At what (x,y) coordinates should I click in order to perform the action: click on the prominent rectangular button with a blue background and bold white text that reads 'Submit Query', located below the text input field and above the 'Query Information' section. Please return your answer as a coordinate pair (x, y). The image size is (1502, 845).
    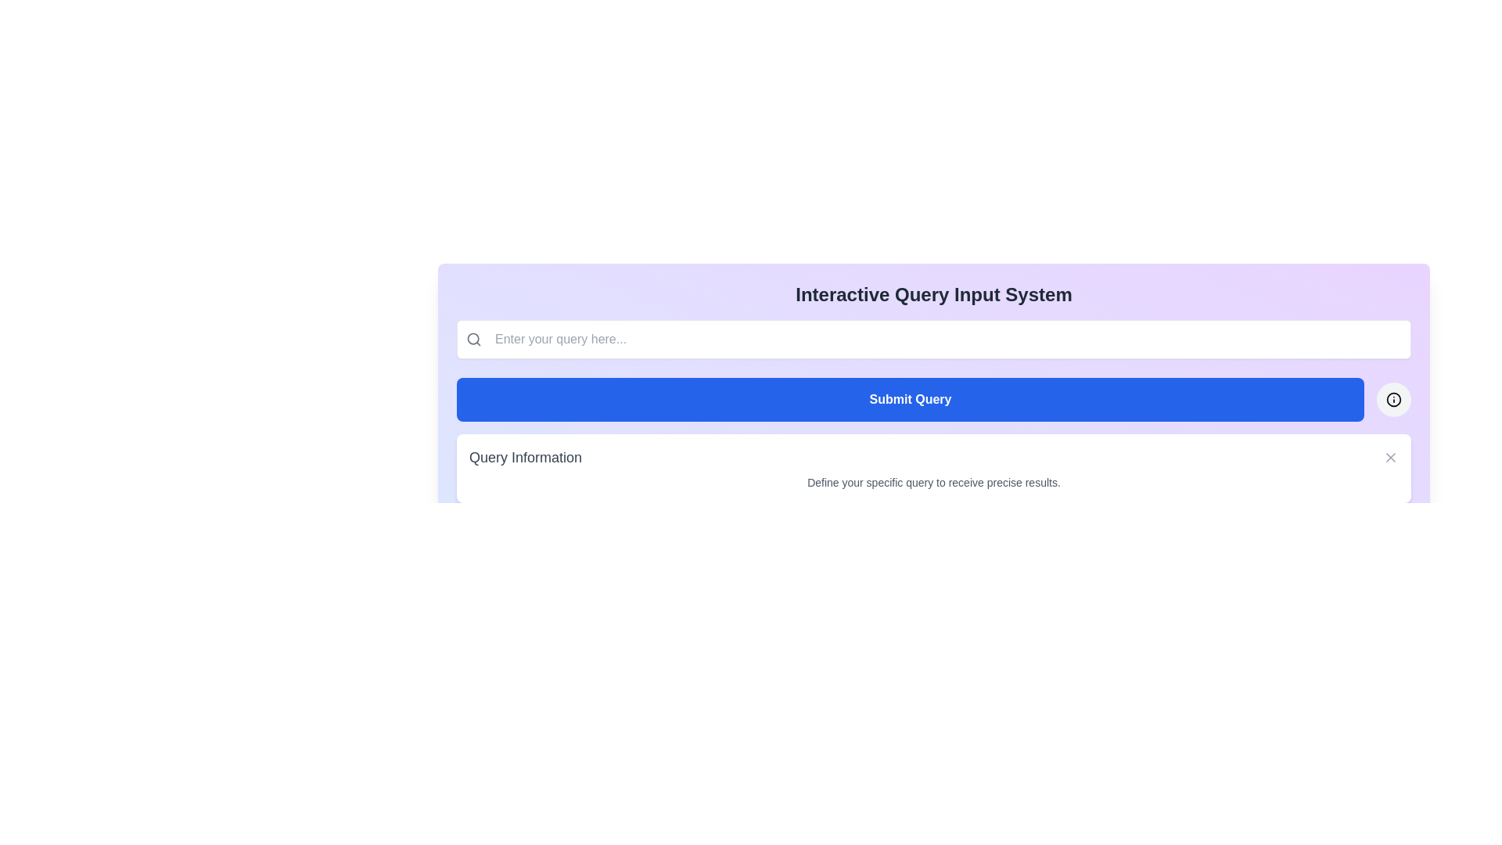
    Looking at the image, I should click on (934, 398).